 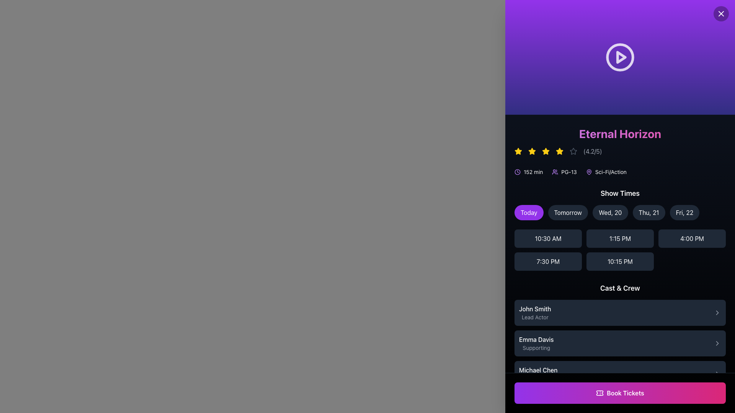 I want to click on the button displaying '4:00 PM' to observe the hover effect, which changes its background from dark gray to a lighter gray, so click(x=692, y=238).